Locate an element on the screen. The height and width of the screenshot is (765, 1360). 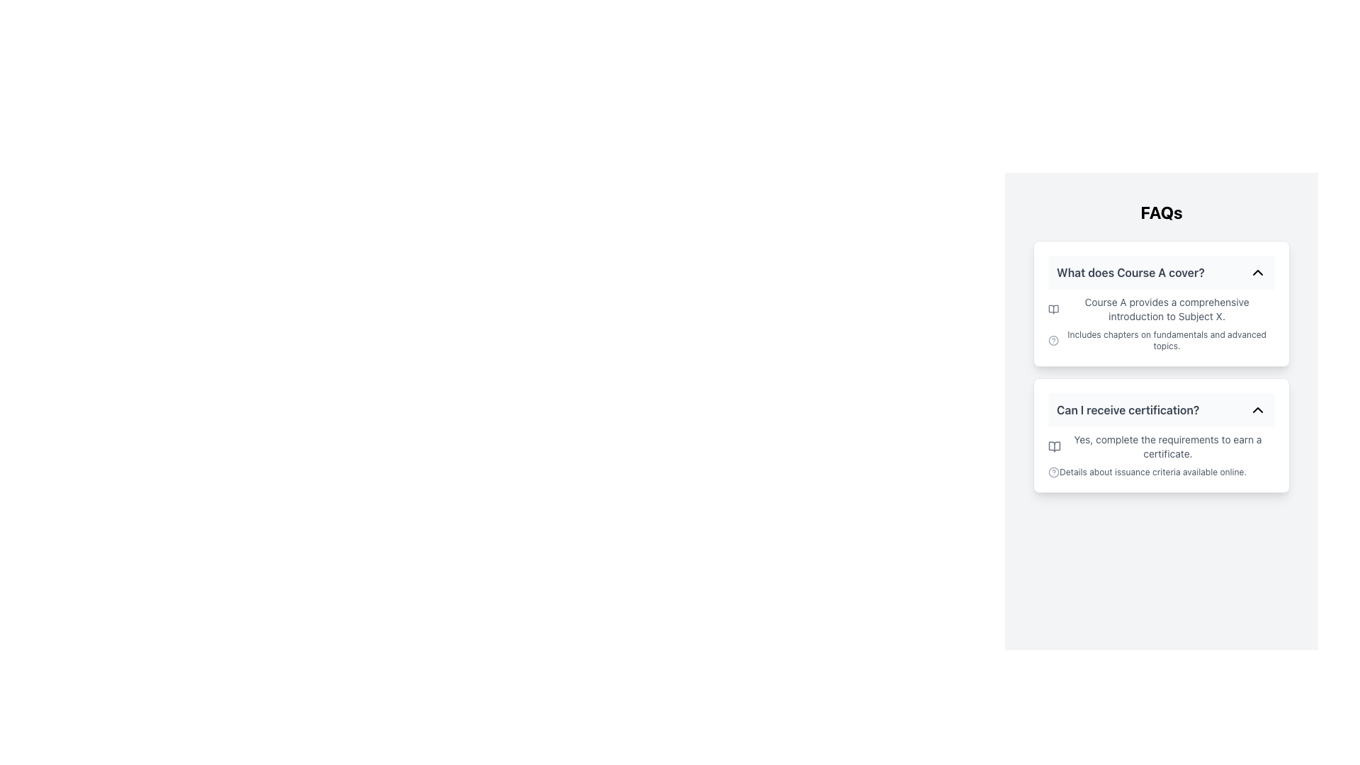
the small circular icon with a question mark, located to the left of the text 'Details about issuance criteria available online' in the 'Can I receive certification?' FAQ entry, to obtain detailed information is located at coordinates (1054, 472).